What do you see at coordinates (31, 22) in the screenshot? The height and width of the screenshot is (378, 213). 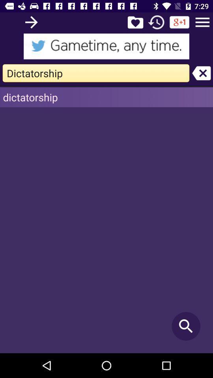 I see `next` at bounding box center [31, 22].